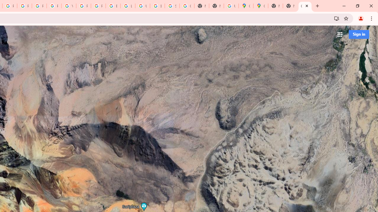  Describe the element at coordinates (39, 6) in the screenshot. I see `'Privacy Help Center - Policies Help'` at that location.